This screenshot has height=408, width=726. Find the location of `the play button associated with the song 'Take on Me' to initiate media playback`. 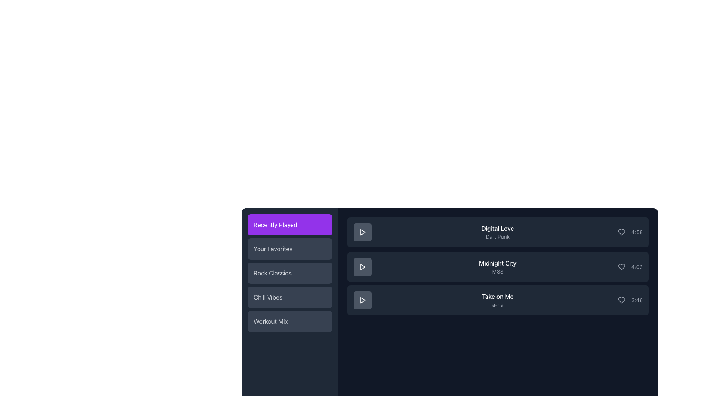

the play button associated with the song 'Take on Me' to initiate media playback is located at coordinates (362, 300).